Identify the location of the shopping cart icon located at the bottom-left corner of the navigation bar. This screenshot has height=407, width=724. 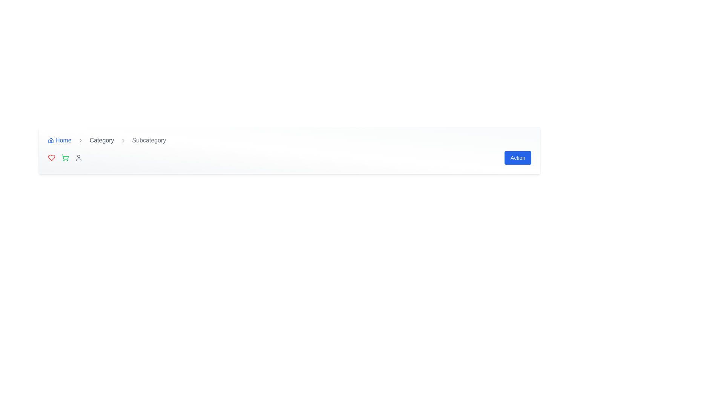
(65, 156).